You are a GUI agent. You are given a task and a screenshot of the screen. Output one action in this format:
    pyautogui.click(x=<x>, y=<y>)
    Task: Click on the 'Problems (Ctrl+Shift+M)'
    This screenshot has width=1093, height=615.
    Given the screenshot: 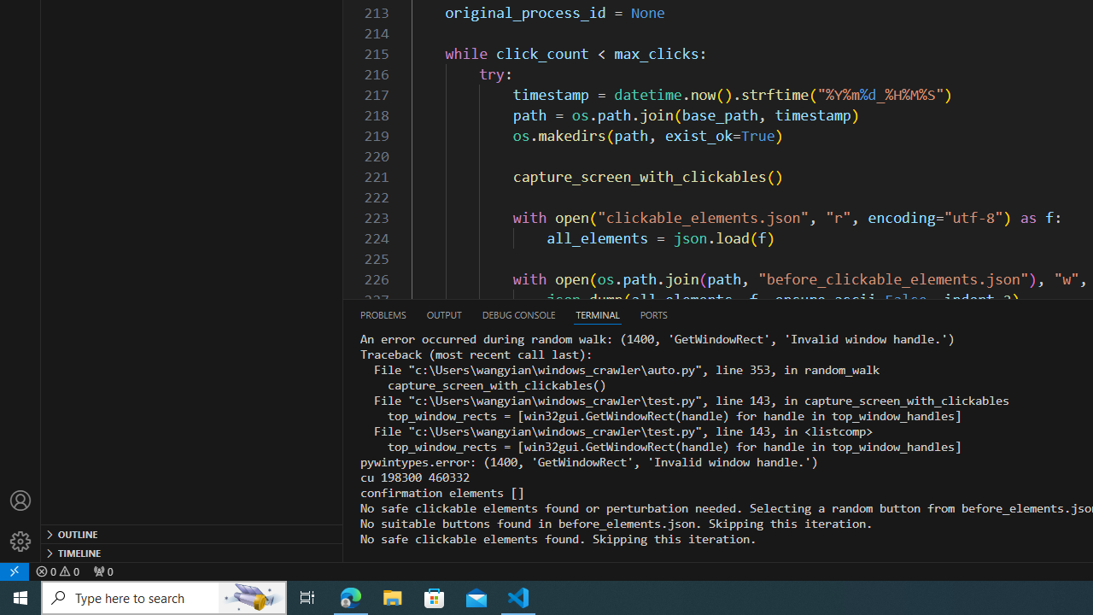 What is the action you would take?
    pyautogui.click(x=382, y=314)
    